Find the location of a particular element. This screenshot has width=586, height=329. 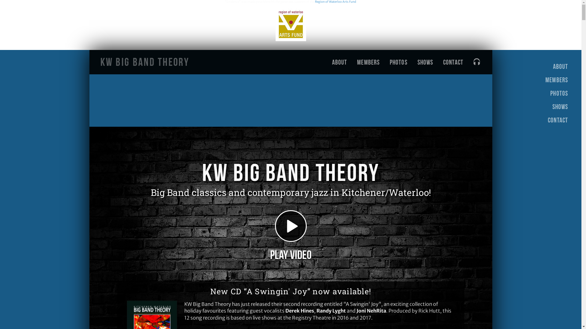

'Play Video' is located at coordinates (290, 236).